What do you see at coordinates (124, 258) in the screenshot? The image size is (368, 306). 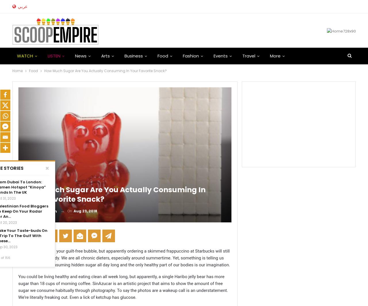 I see `'We’re sorry to burst your guilt-free bubble, but apparently ordering a skimmed frappuccino at Starbucks will still harm your bikini body. We are all chronic dieters, especially around summertime. Yet, something is telling us that we’ve been consuming hidden sugar all day long and the only healthy part of our bodies is our imagination.'` at bounding box center [124, 258].